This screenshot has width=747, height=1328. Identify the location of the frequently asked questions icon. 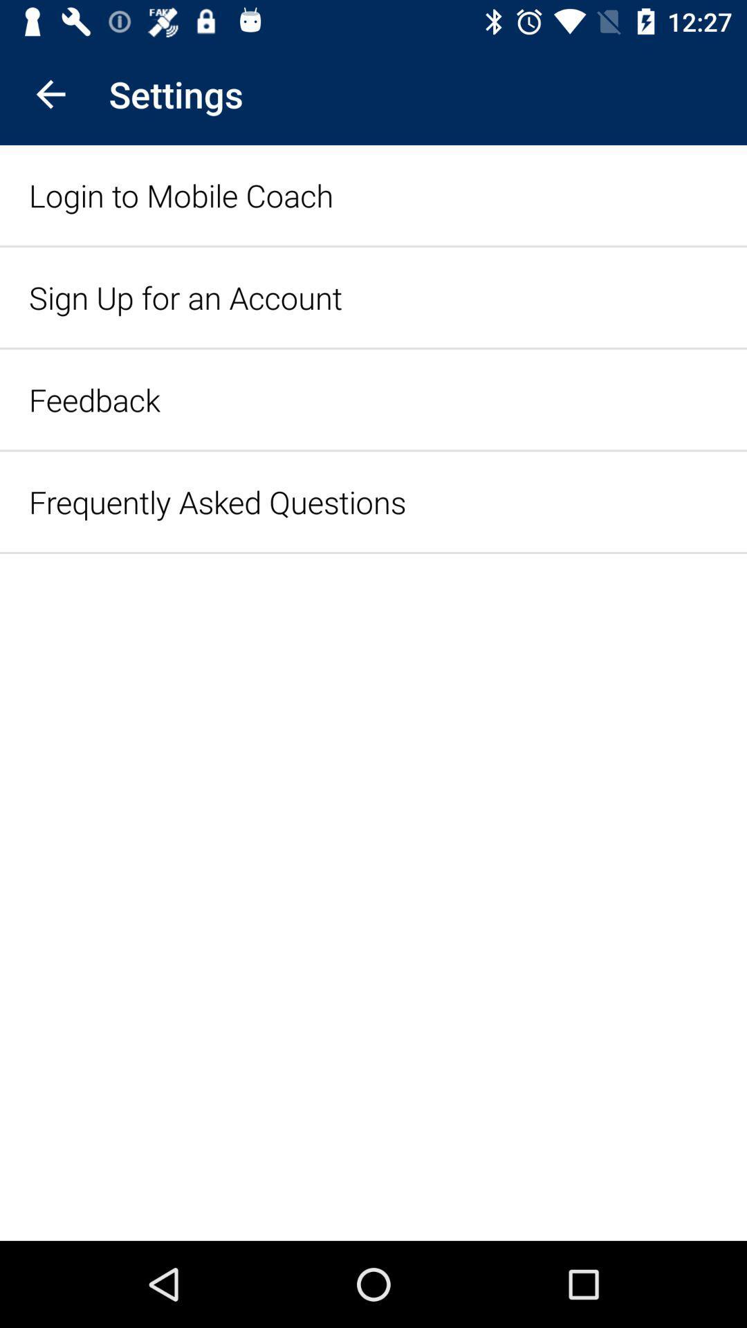
(217, 501).